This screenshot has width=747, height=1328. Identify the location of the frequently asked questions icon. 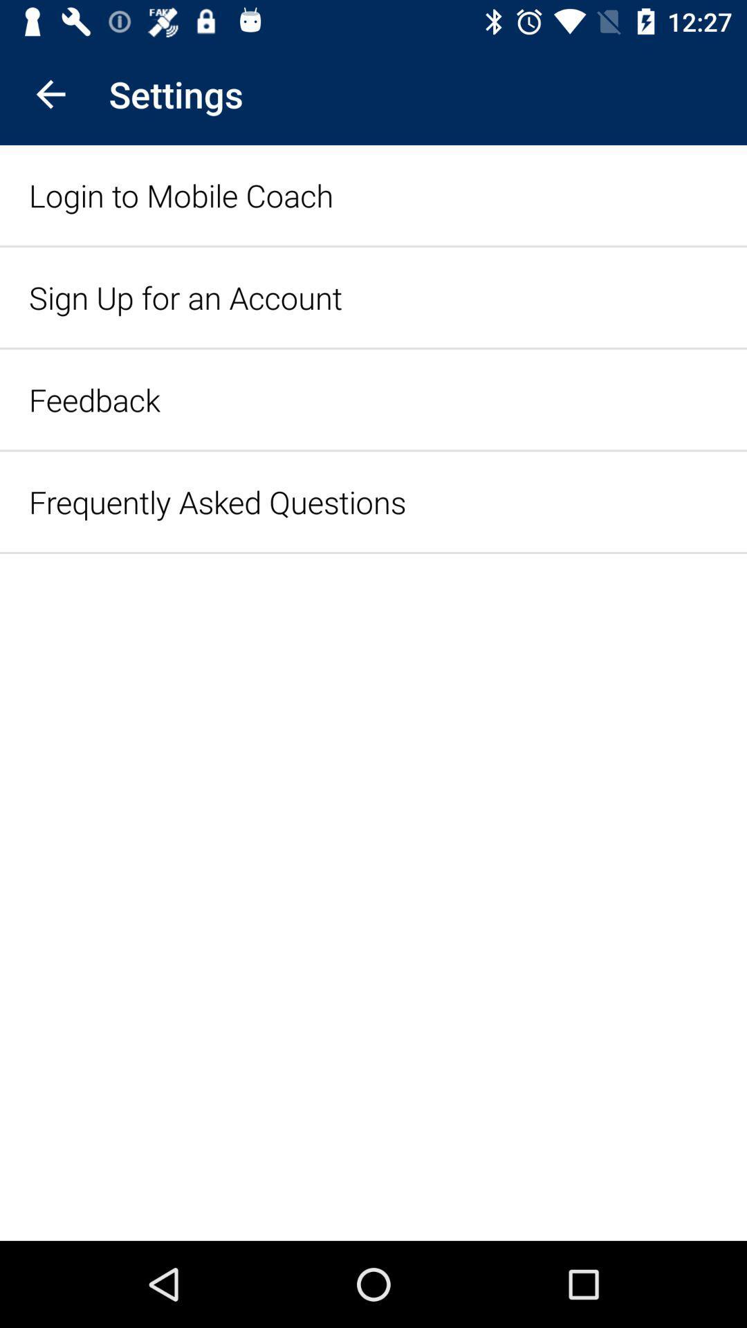
(217, 501).